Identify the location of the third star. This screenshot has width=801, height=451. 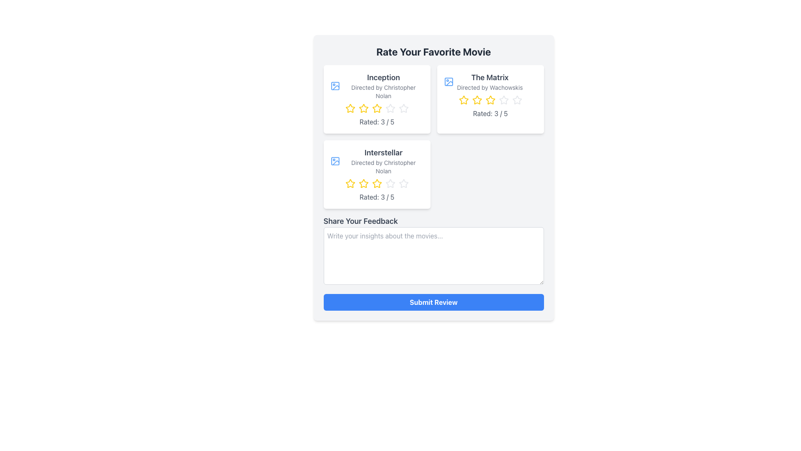
(376, 183).